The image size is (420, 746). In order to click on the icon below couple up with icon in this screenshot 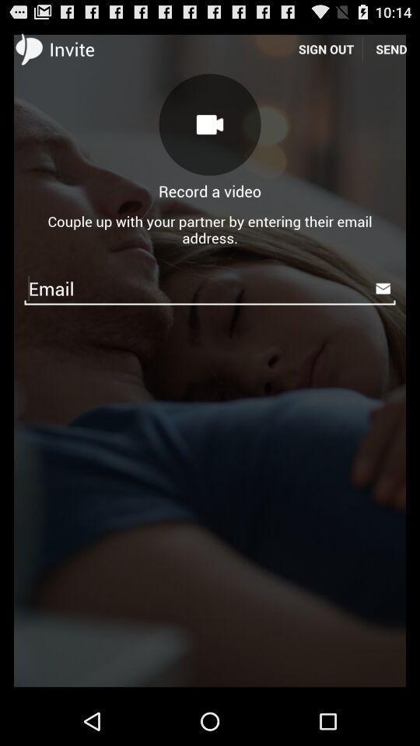, I will do `click(210, 288)`.